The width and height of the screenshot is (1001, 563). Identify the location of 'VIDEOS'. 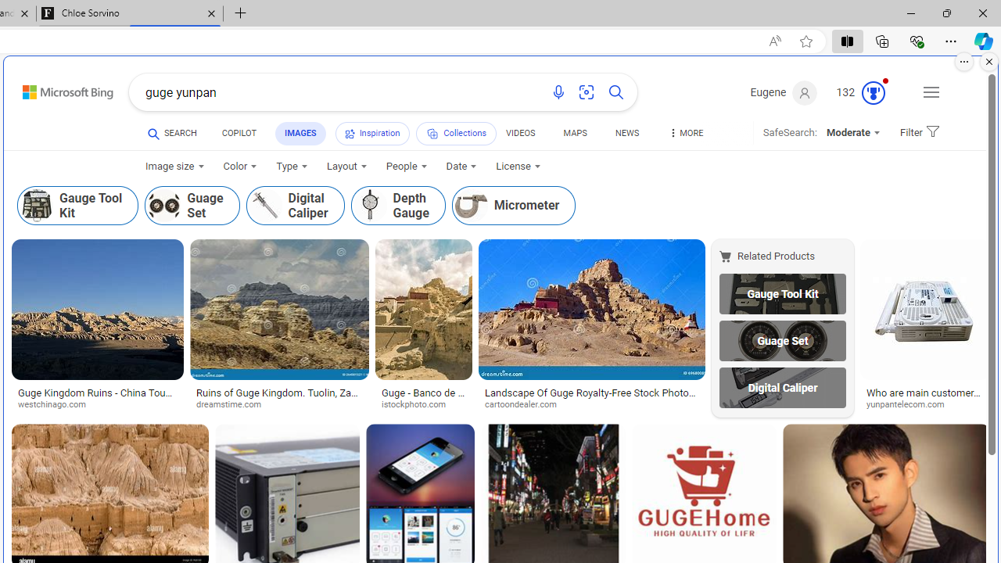
(520, 133).